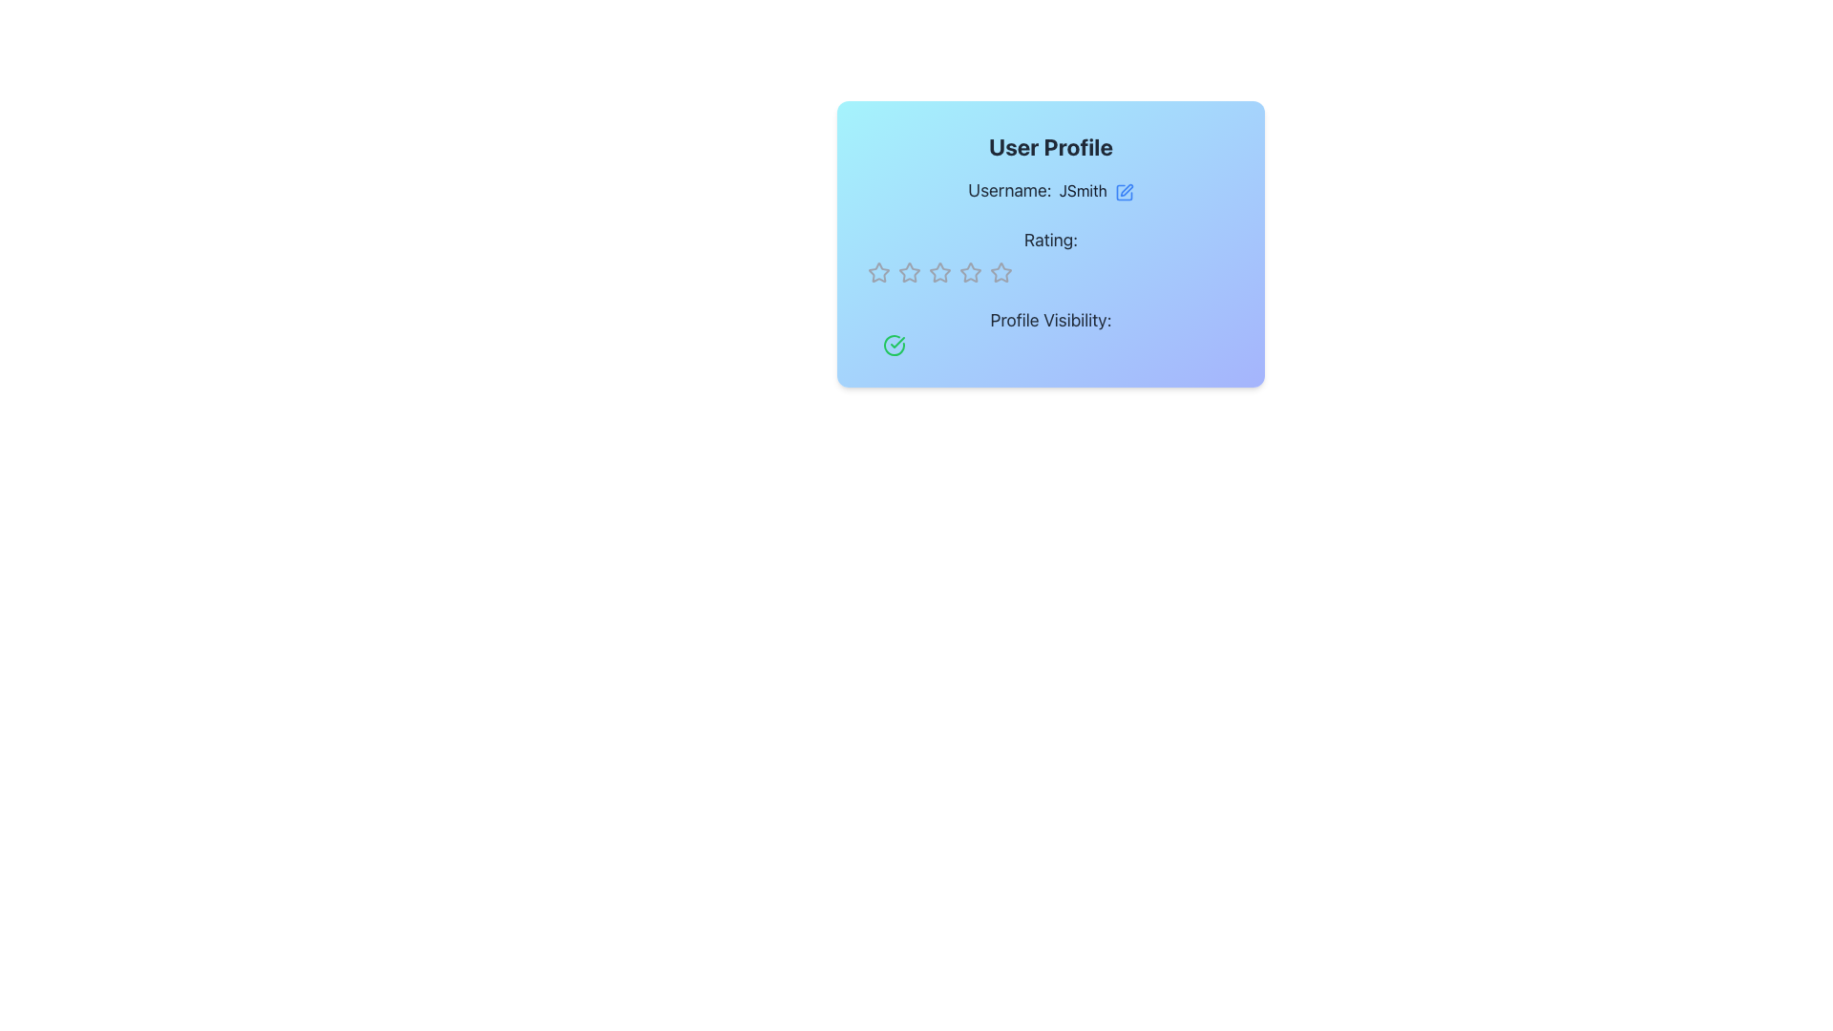  What do you see at coordinates (1049, 191) in the screenshot?
I see `the username text block in the User Profile card` at bounding box center [1049, 191].